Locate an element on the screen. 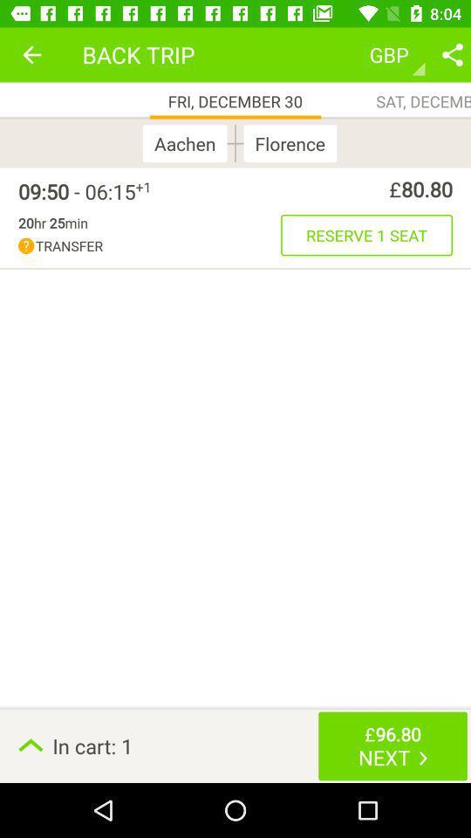 The height and width of the screenshot is (838, 471). 09 50 06 icon is located at coordinates (76, 191).